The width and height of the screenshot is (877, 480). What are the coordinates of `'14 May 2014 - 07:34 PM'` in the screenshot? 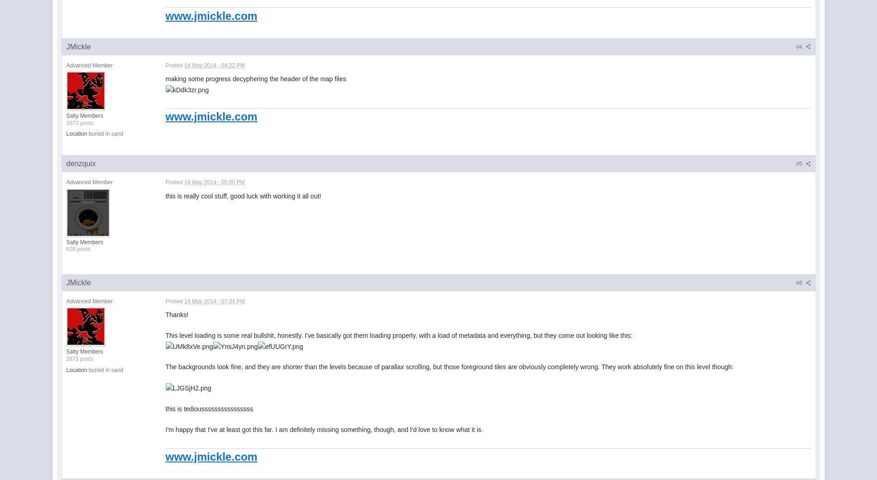 It's located at (184, 300).